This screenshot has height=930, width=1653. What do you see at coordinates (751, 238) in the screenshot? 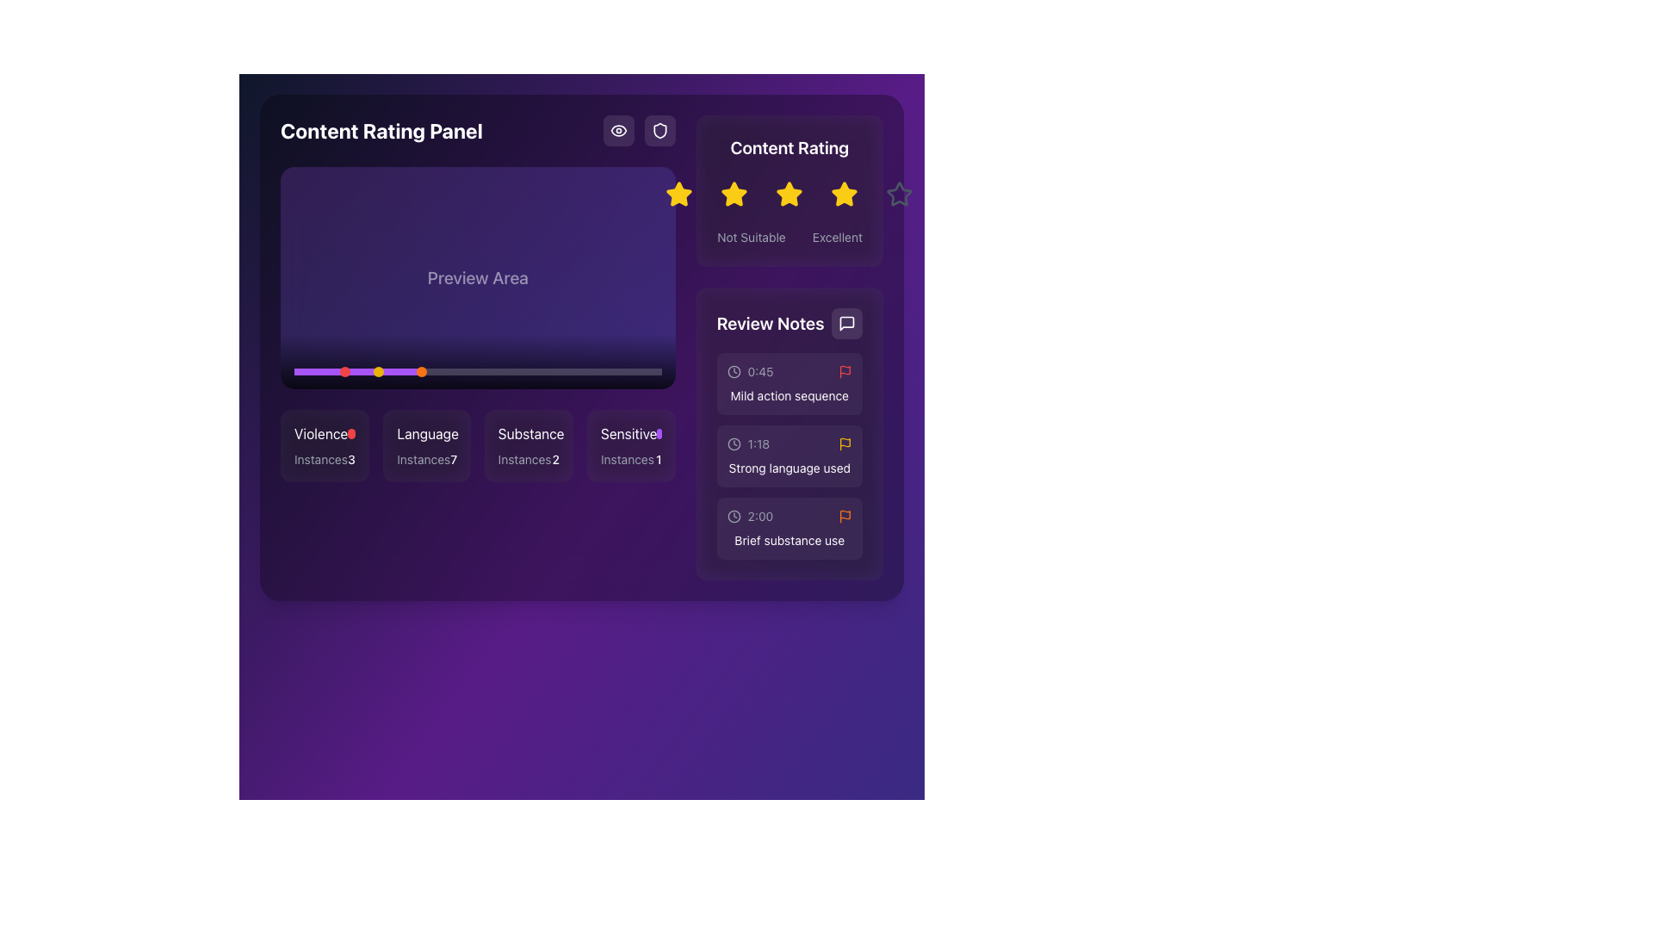
I see `the static text label indicating lower rating or disapproval in the 'Content Rating' section, positioned to the left of 'Excellent'` at bounding box center [751, 238].